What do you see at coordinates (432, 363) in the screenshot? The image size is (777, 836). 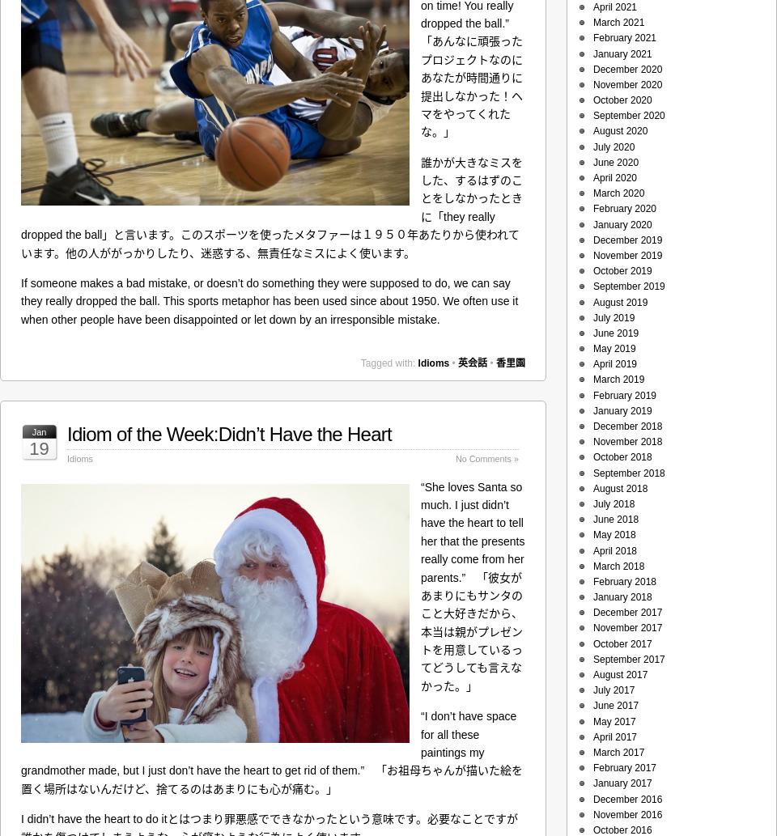 I see `'Idioms'` at bounding box center [432, 363].